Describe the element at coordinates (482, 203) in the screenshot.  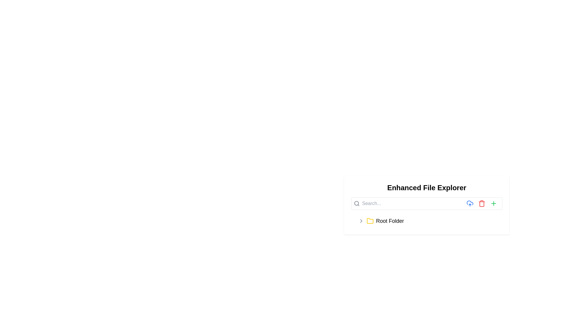
I see `the red trash bin icon button in the 'Enhanced File Explorer' toolbar` at that location.